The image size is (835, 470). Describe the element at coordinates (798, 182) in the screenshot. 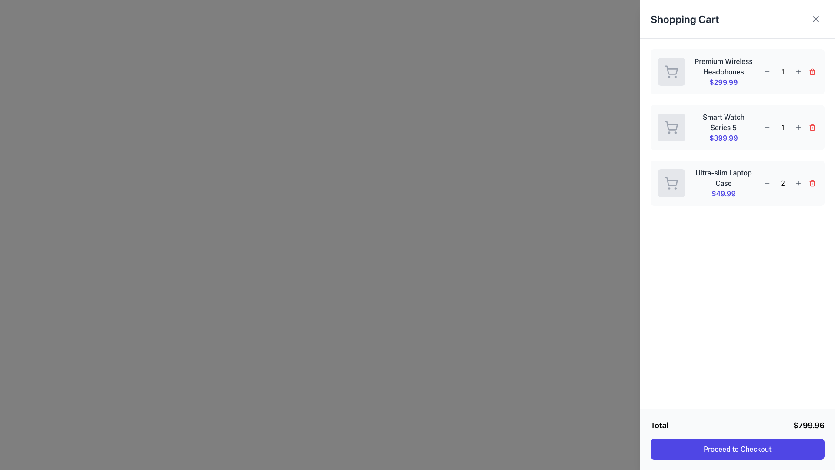

I see `the plus icon button located near the quantity adjustment controls for the 'Ultra-slim Laptop Case' to increase the item quantity` at that location.